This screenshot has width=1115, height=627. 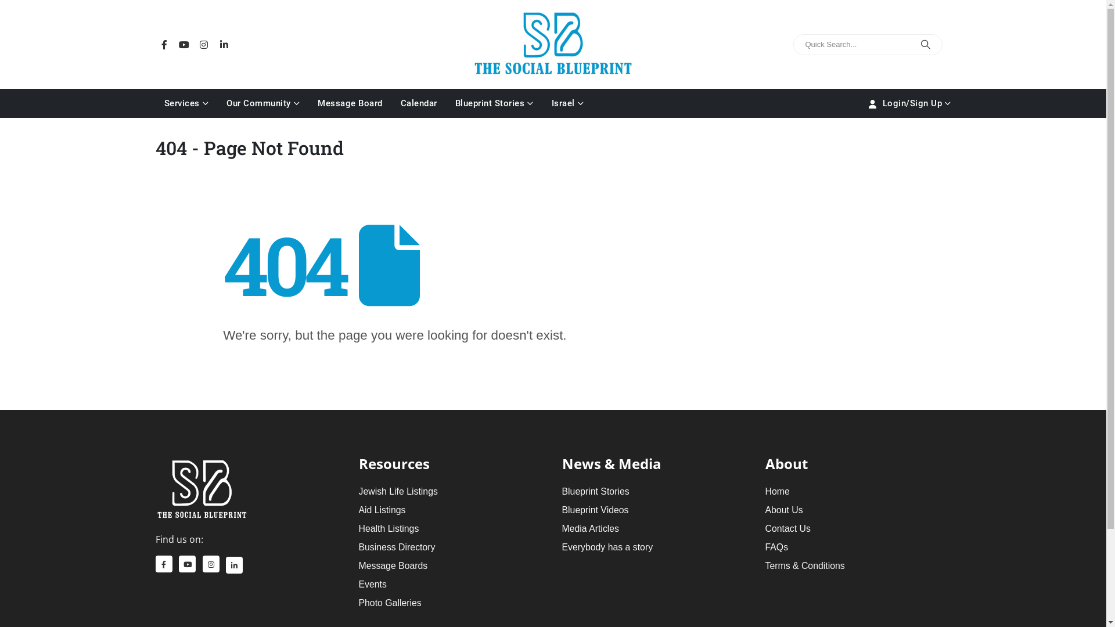 I want to click on 'Jewish Life Listings', so click(x=398, y=491).